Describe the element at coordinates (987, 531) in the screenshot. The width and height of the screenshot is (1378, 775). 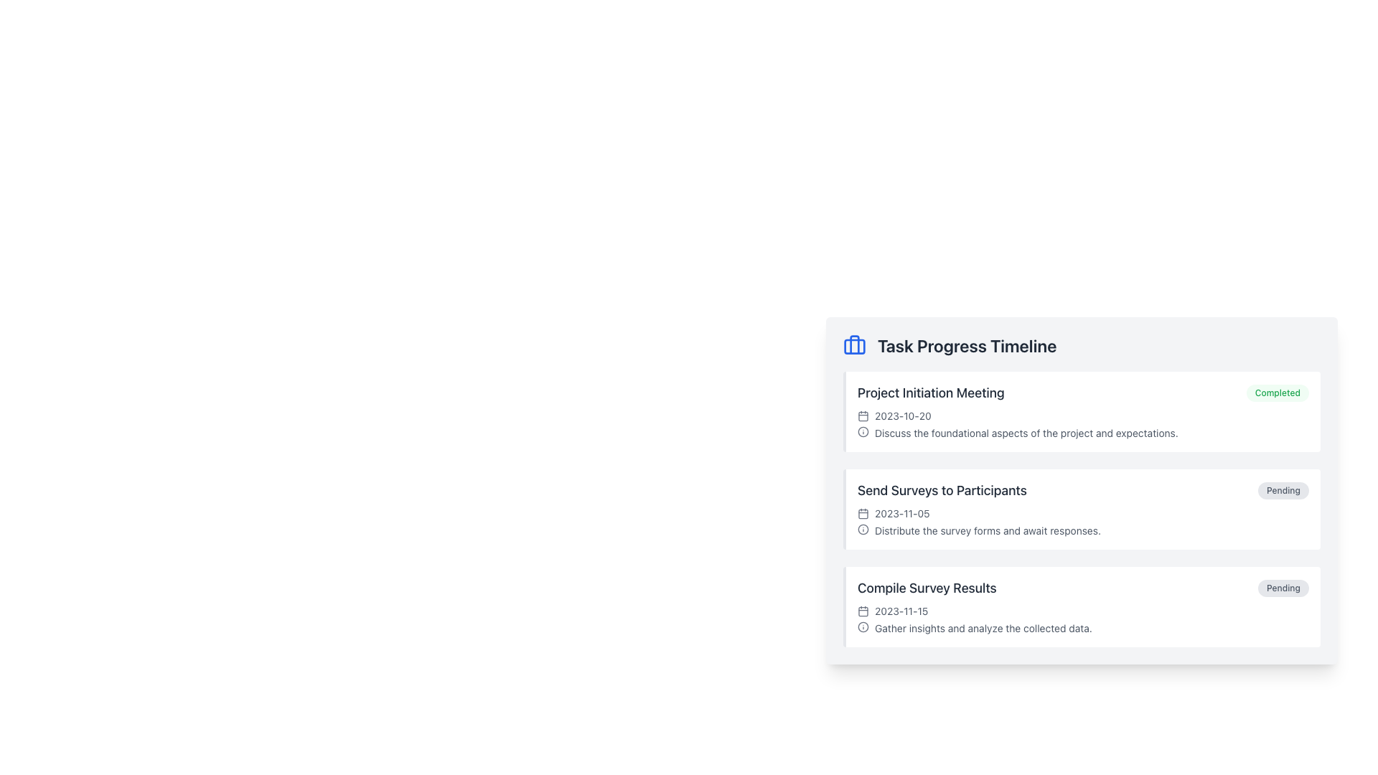
I see `descriptive text label located in the second item of the 'Task Progress Timeline' section, below the 'Send Surveys to Participants' header, which provides detailed information about the task` at that location.